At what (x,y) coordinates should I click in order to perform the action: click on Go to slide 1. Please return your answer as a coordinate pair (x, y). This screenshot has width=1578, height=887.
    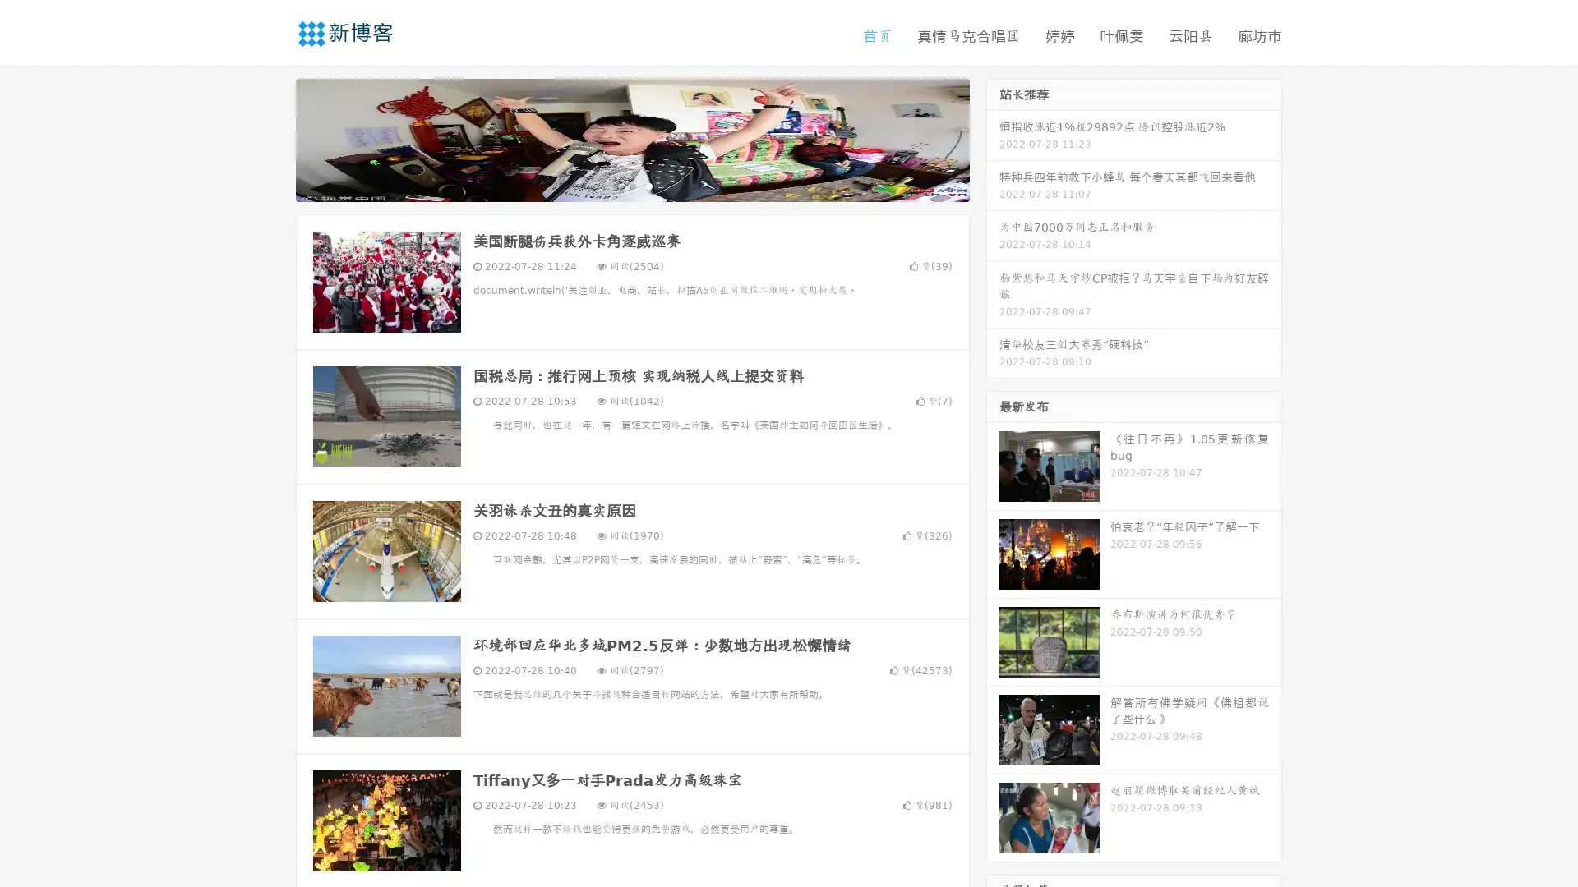
    Looking at the image, I should click on (615, 185).